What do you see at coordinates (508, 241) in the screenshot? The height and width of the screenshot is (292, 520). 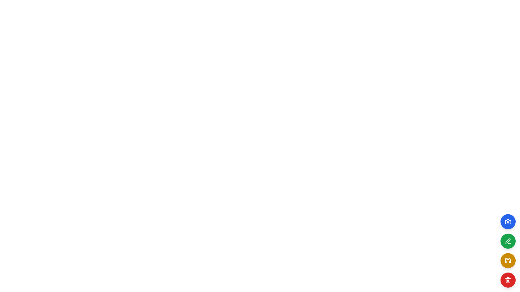 I see `the interactive button with a pen icon, which is located in the second position among a vertical stack of buttons` at bounding box center [508, 241].